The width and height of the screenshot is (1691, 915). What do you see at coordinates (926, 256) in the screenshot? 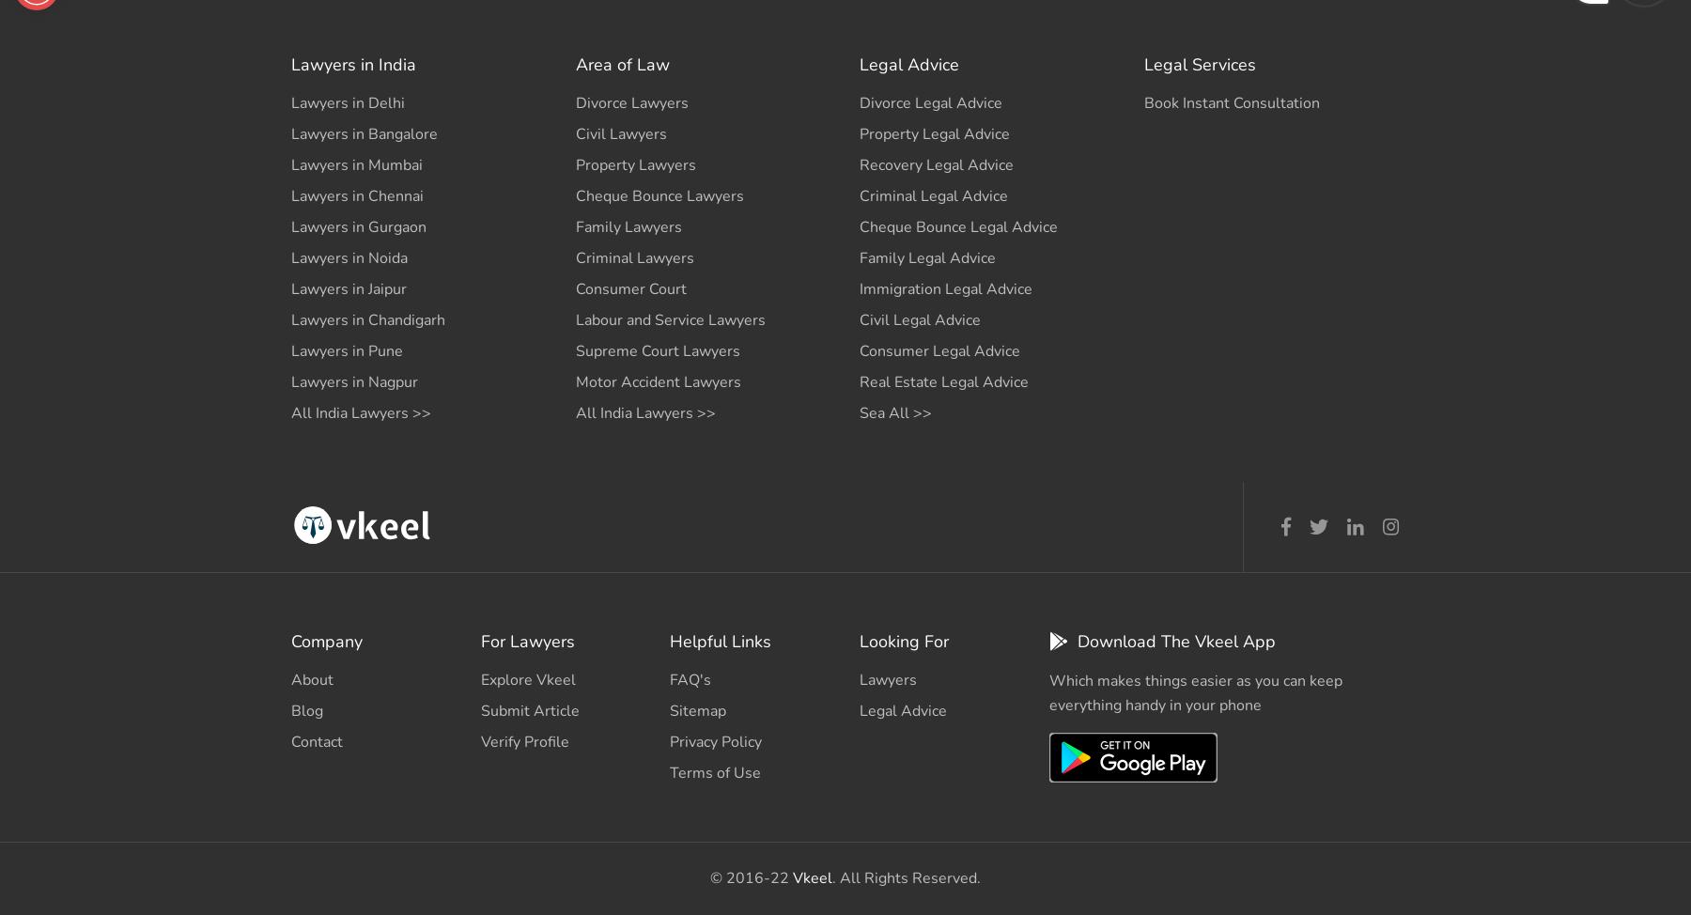
I see `'Family Legal Advice'` at bounding box center [926, 256].